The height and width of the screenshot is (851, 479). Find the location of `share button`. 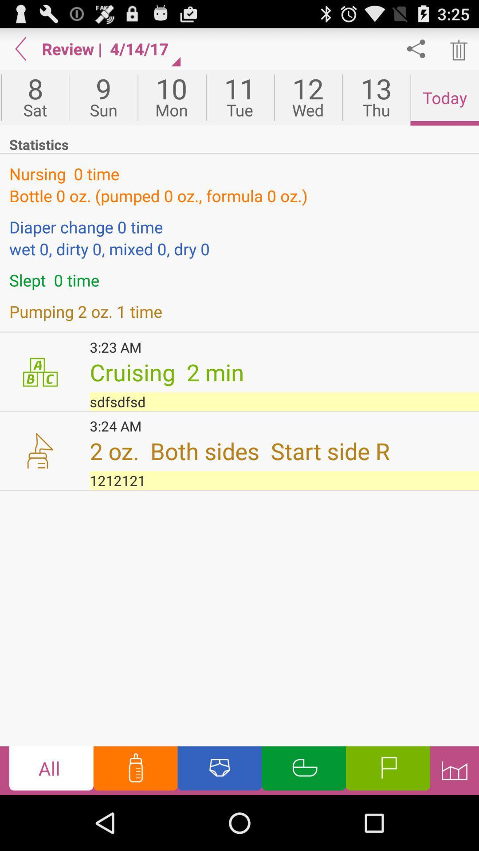

share button is located at coordinates (416, 48).